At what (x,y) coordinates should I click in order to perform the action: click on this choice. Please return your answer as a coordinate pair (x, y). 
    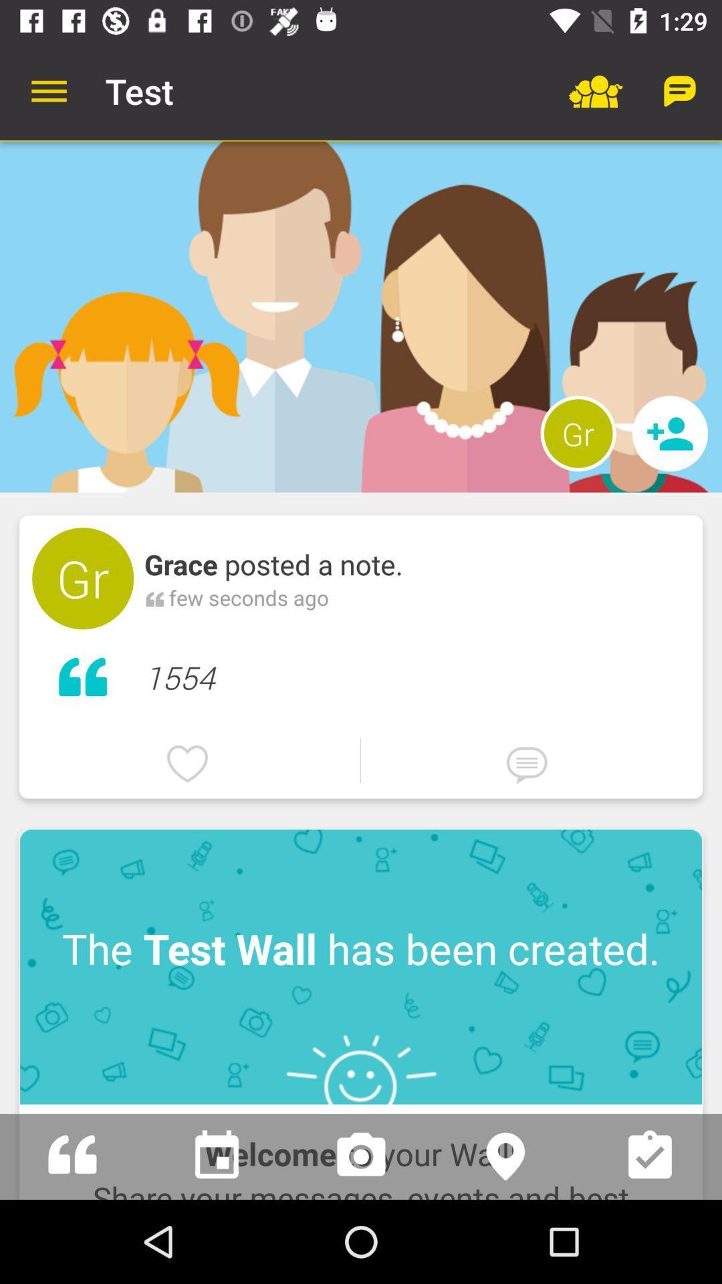
    Looking at the image, I should click on (649, 1156).